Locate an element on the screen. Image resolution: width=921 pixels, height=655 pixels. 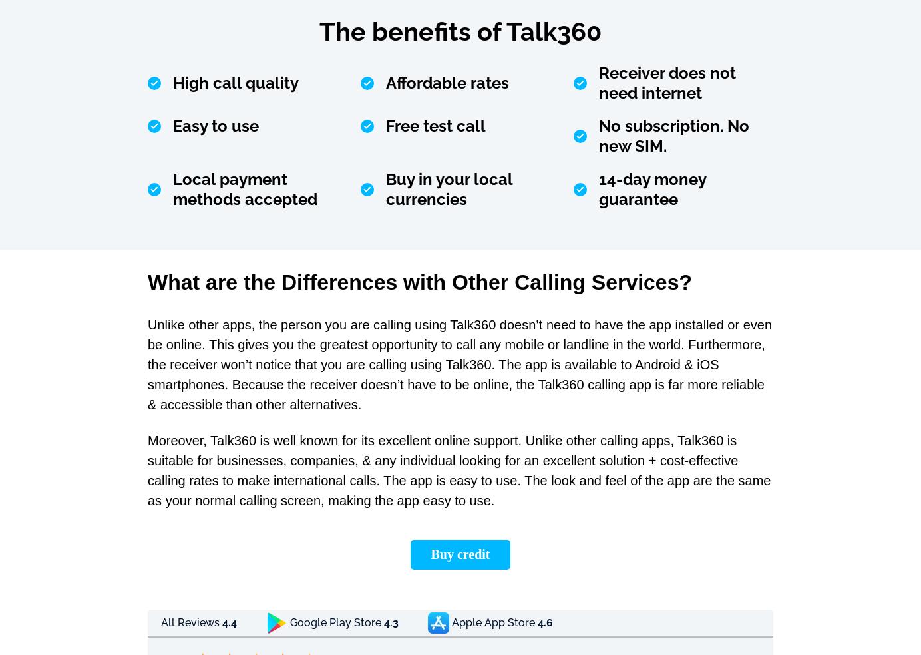
'Buy credit' is located at coordinates (460, 553).